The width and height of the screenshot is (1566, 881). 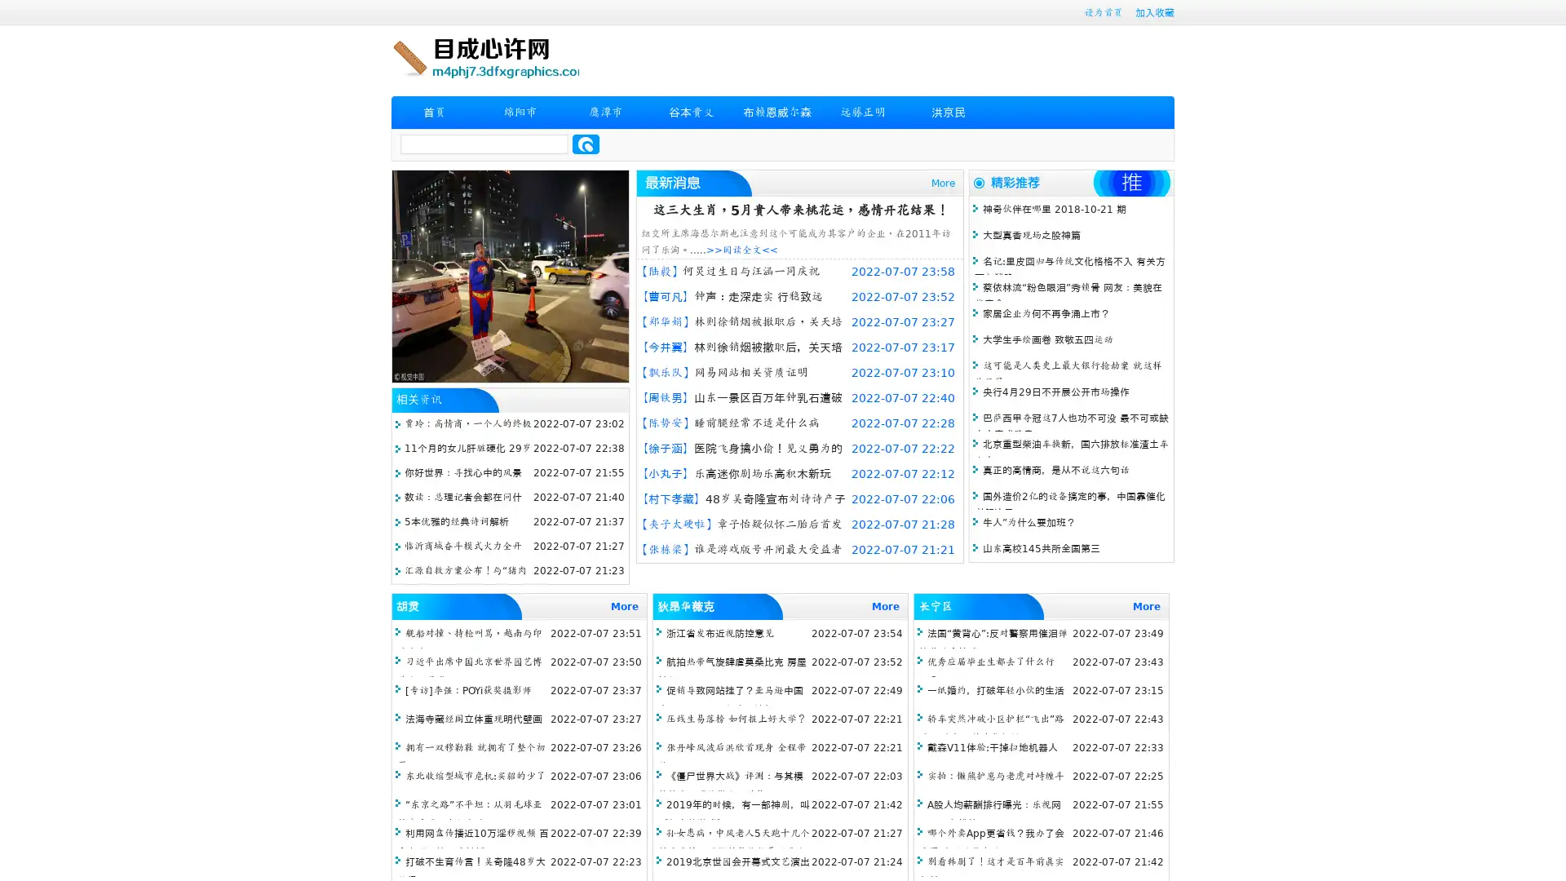 What do you see at coordinates (586, 144) in the screenshot?
I see `Search` at bounding box center [586, 144].